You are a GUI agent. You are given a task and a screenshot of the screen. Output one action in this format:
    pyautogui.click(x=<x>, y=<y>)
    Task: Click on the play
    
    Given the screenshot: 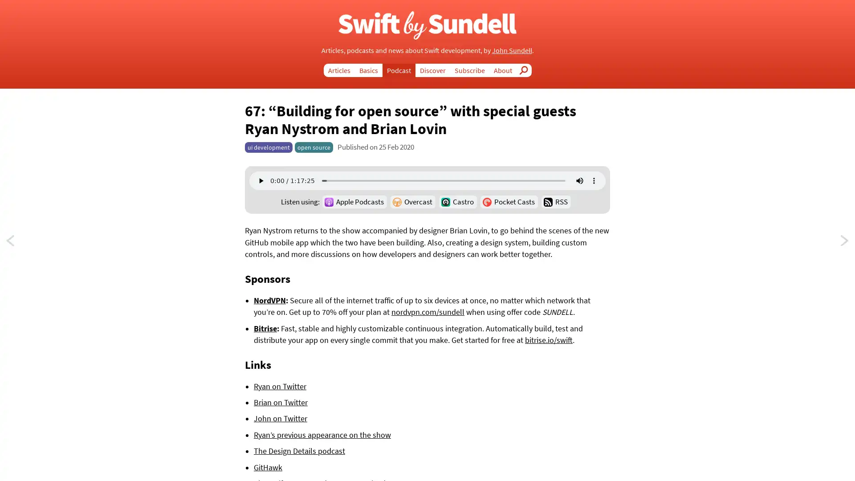 What is the action you would take?
    pyautogui.click(x=260, y=180)
    